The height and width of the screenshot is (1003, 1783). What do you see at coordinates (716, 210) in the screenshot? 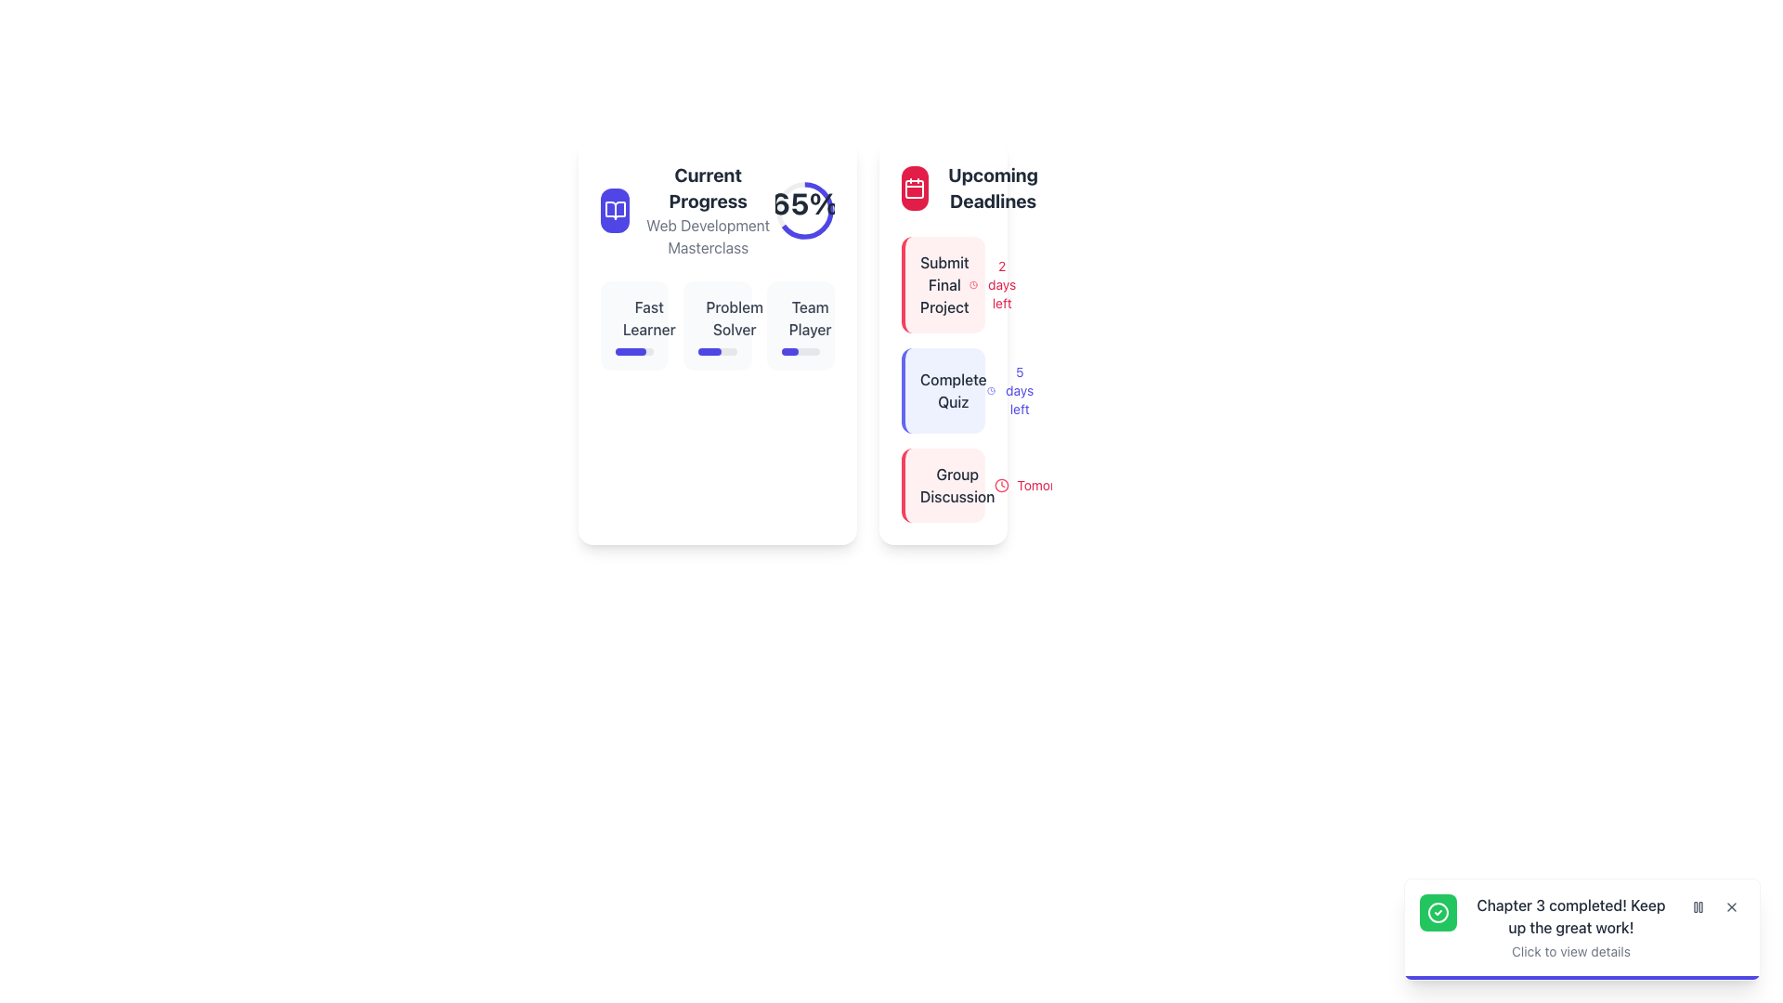
I see `the percentage graphic displaying '65%' in the Progress Indicator with Text and Icon` at bounding box center [716, 210].